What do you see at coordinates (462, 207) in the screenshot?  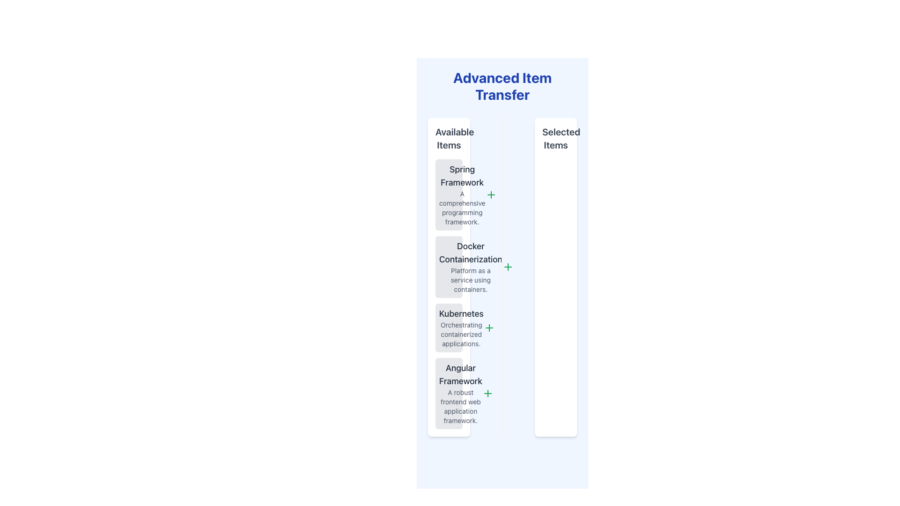 I see `the informational Text Label that describes the 'Spring Framework' item located in the 'Available Items' section, positioned directly below the 'Spring Framework' title` at bounding box center [462, 207].